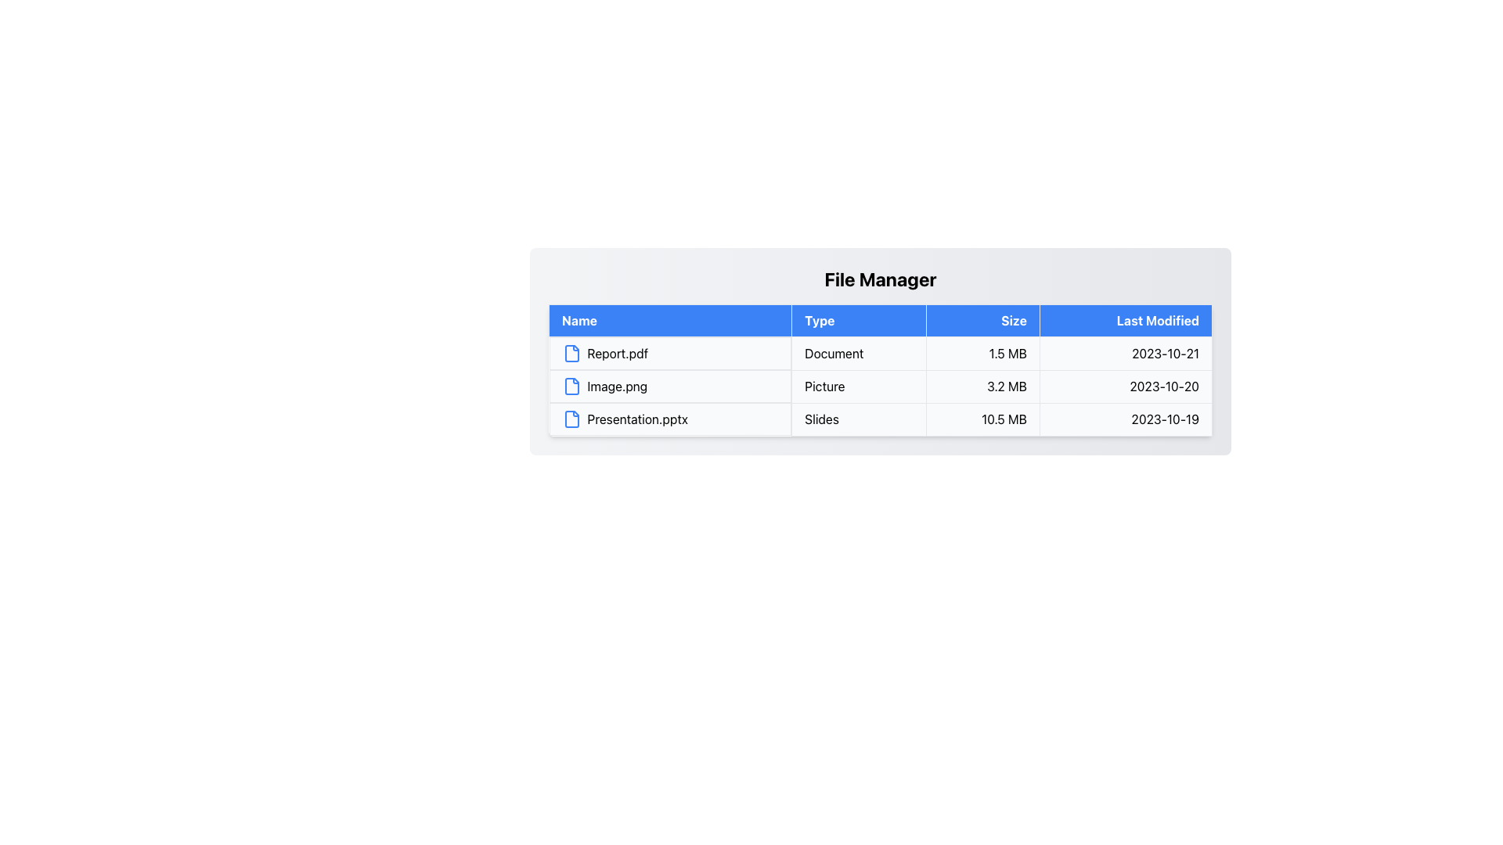 The width and height of the screenshot is (1503, 845). What do you see at coordinates (571, 386) in the screenshot?
I see `the rectangular document icon in the 'Name' column associated with the entry 'Image.png'` at bounding box center [571, 386].